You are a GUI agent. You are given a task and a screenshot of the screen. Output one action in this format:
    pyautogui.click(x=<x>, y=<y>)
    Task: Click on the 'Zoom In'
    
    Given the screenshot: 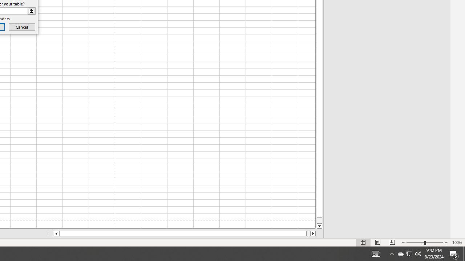 What is the action you would take?
    pyautogui.click(x=445, y=243)
    